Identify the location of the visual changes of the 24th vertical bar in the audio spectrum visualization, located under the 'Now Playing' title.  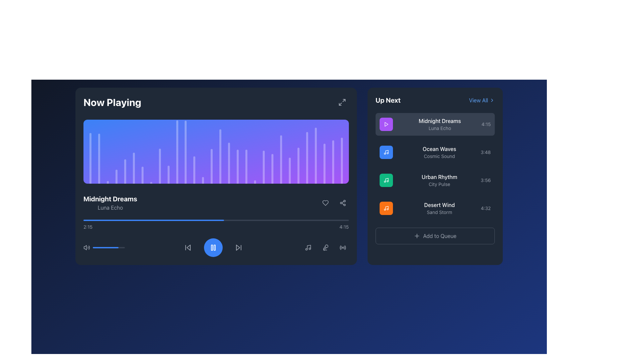
(298, 165).